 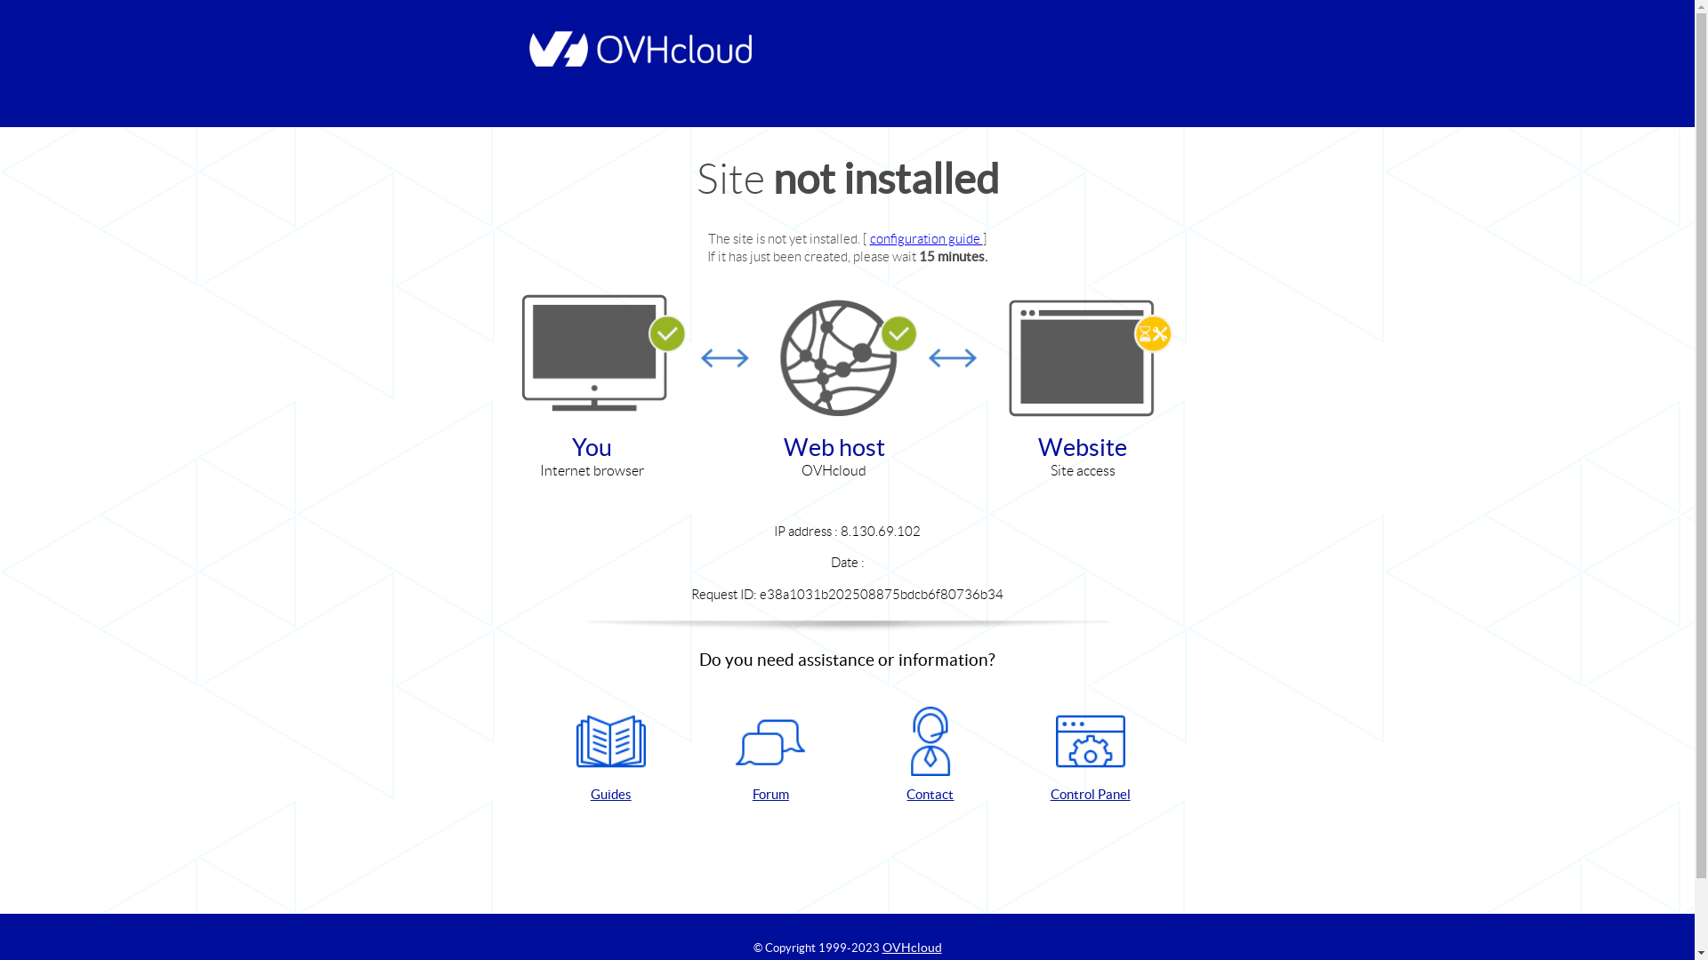 I want to click on 'configuration guide', so click(x=870, y=237).